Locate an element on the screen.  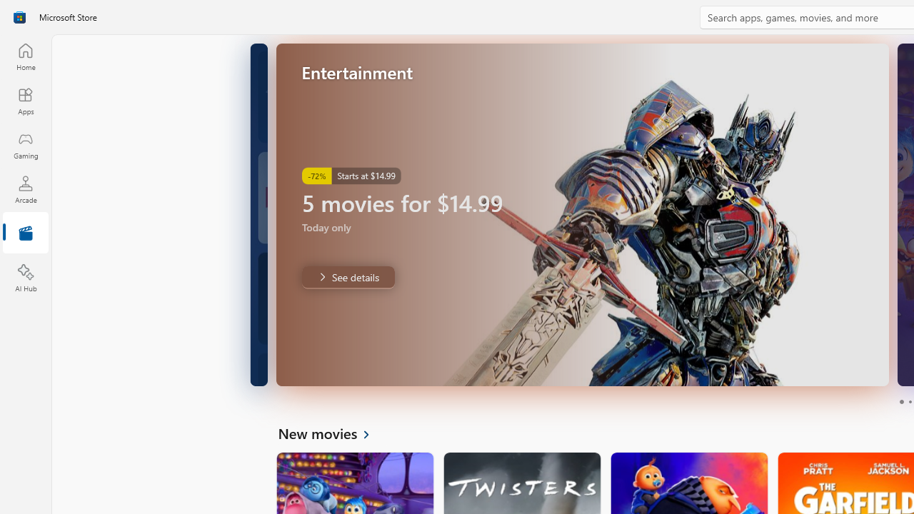
'Gaming' is located at coordinates (25, 145).